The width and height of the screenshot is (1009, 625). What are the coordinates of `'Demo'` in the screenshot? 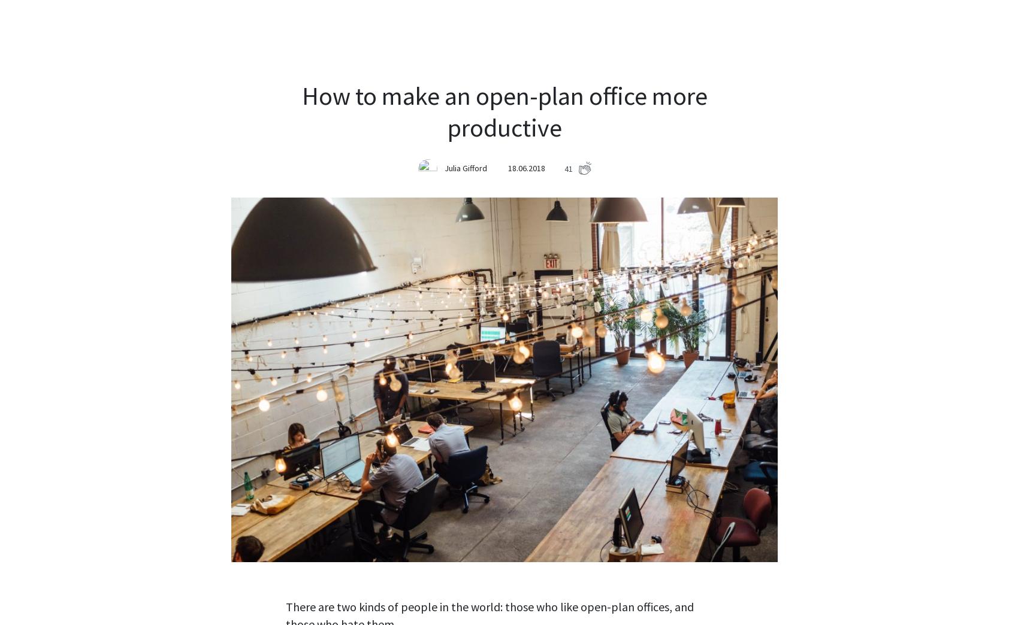 It's located at (410, 26).